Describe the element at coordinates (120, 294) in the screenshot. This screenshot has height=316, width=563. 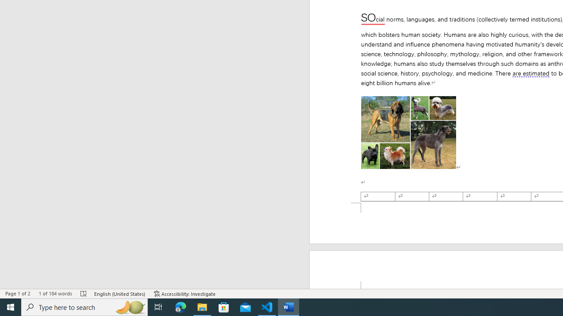
I see `'Language English (United States)'` at that location.